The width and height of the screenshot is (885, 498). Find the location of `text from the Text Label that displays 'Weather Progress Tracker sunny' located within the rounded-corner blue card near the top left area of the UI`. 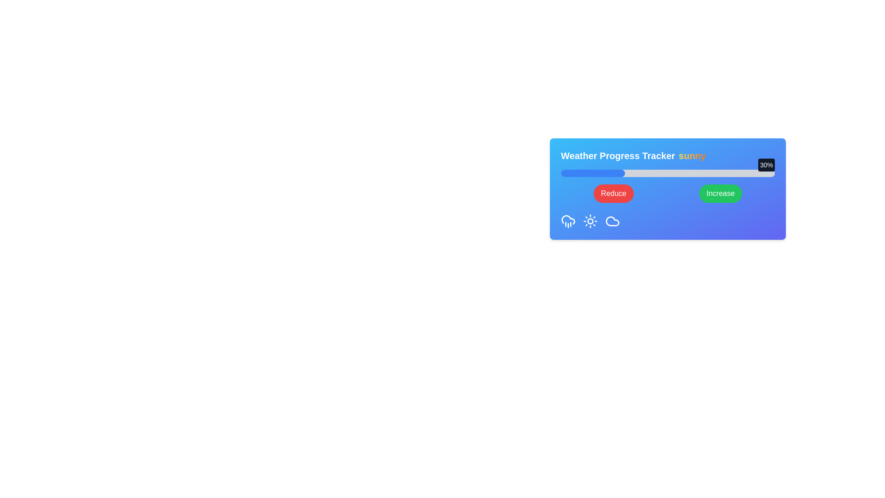

text from the Text Label that displays 'Weather Progress Tracker sunny' located within the rounded-corner blue card near the top left area of the UI is located at coordinates (668, 155).